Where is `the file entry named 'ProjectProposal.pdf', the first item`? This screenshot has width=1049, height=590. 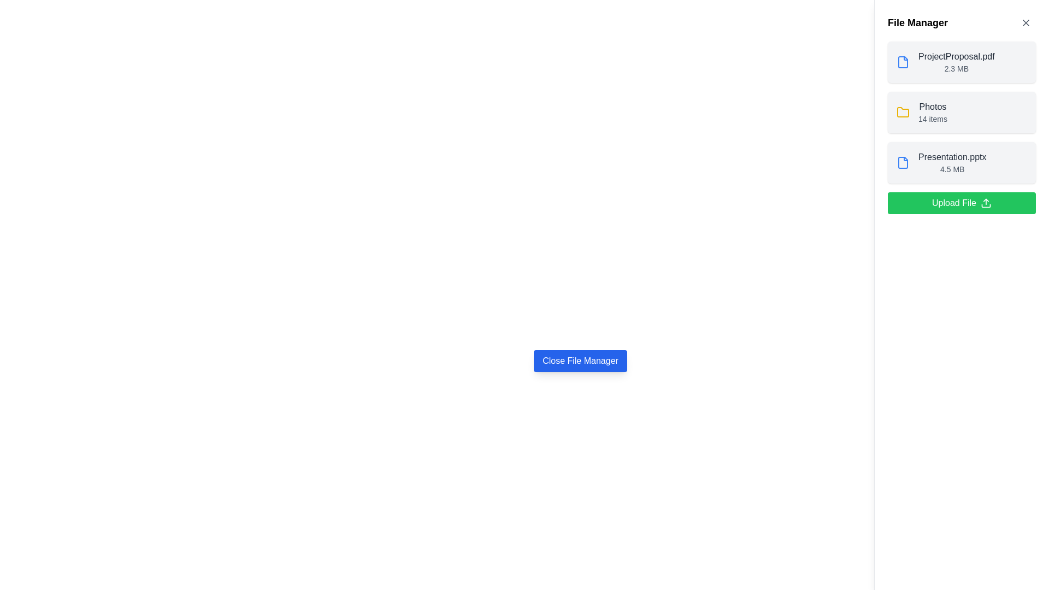 the file entry named 'ProjectProposal.pdf', the first item is located at coordinates (956, 62).